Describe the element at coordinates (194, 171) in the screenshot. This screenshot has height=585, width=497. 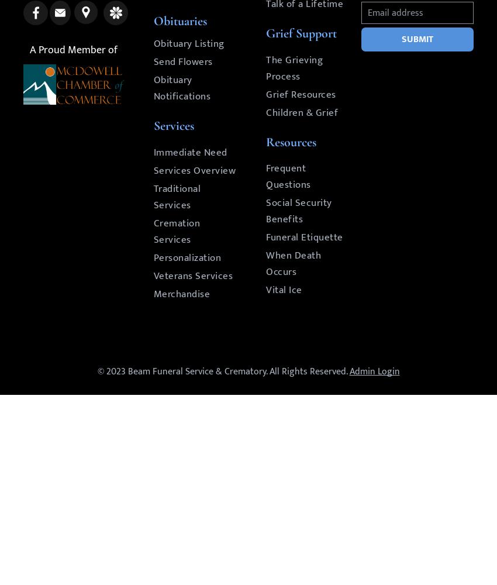
I see `'Services Overview'` at that location.